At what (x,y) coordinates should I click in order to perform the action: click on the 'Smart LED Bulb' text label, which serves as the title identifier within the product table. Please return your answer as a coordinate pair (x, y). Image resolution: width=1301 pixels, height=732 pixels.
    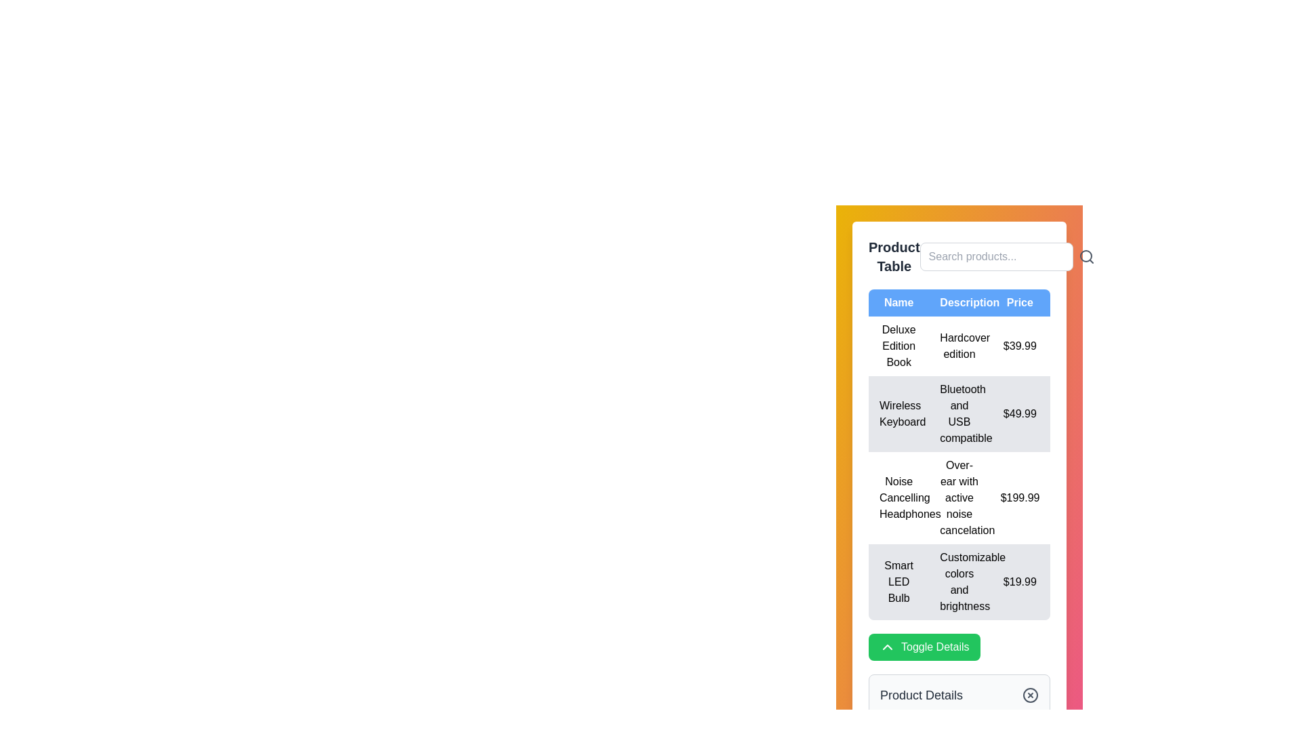
    Looking at the image, I should click on (899, 582).